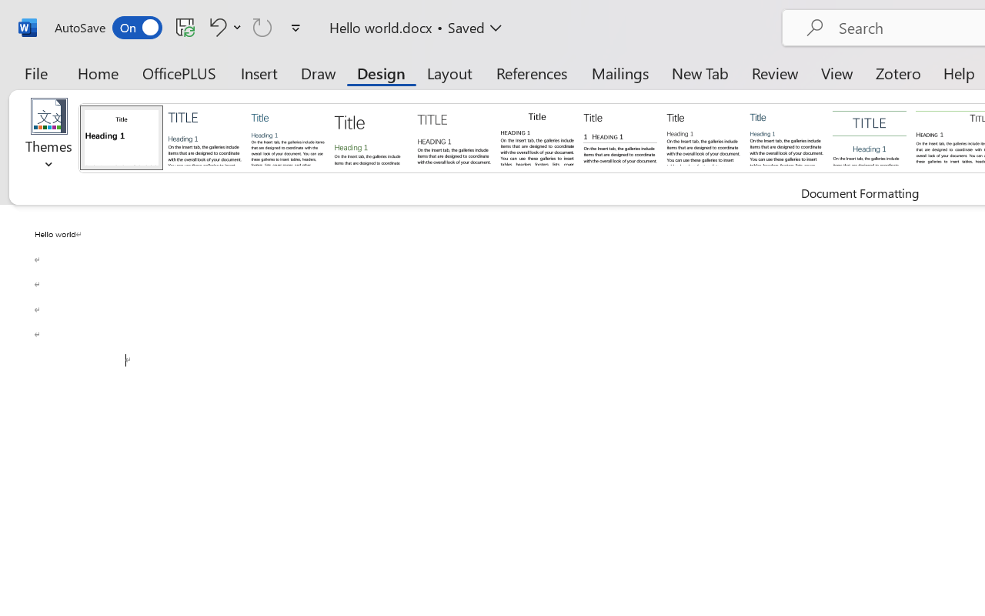 Image resolution: width=985 pixels, height=616 pixels. Describe the element at coordinates (295, 27) in the screenshot. I see `'Customize Quick Access Toolbar'` at that location.